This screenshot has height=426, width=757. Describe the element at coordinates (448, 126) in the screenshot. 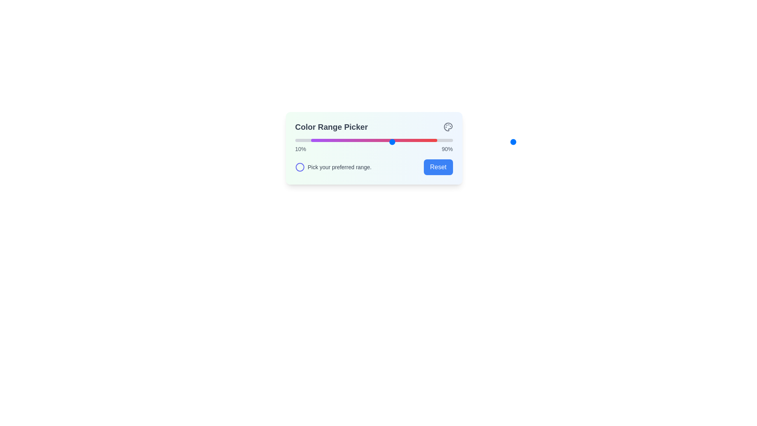

I see `the palette icon located to the far right of the 'Color Range Picker' section, aligned horizontally with the title, and is the last element in the row` at that location.